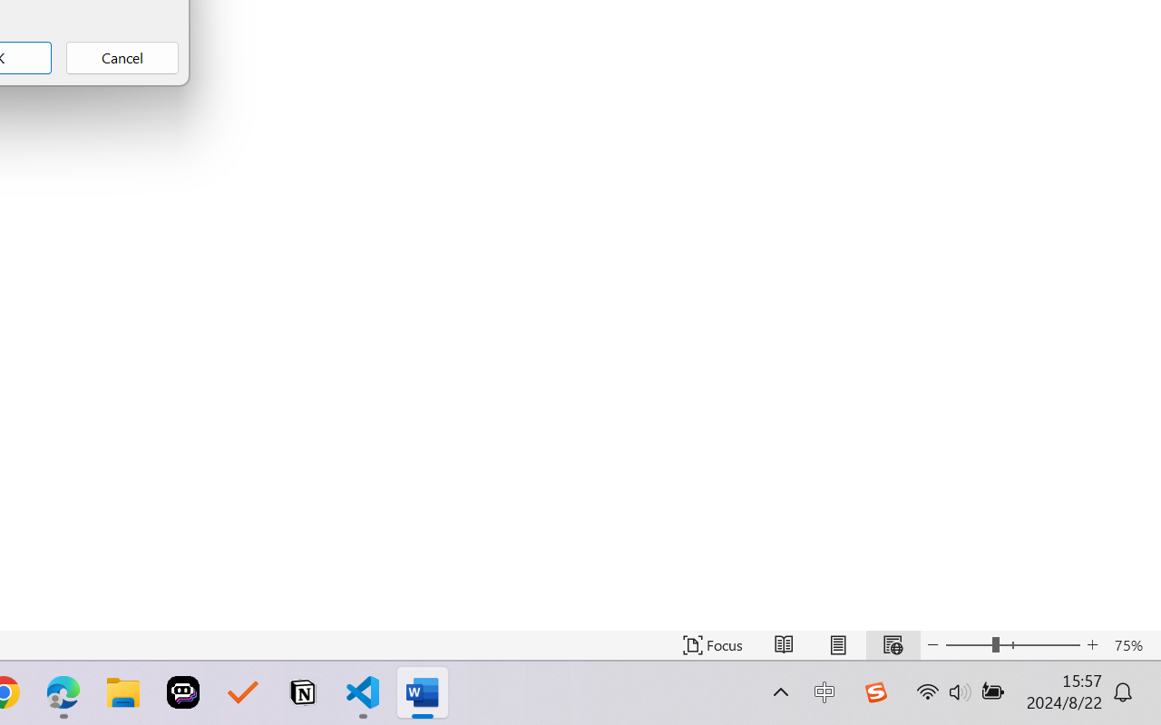  Describe the element at coordinates (1011, 644) in the screenshot. I see `'Zoom'` at that location.